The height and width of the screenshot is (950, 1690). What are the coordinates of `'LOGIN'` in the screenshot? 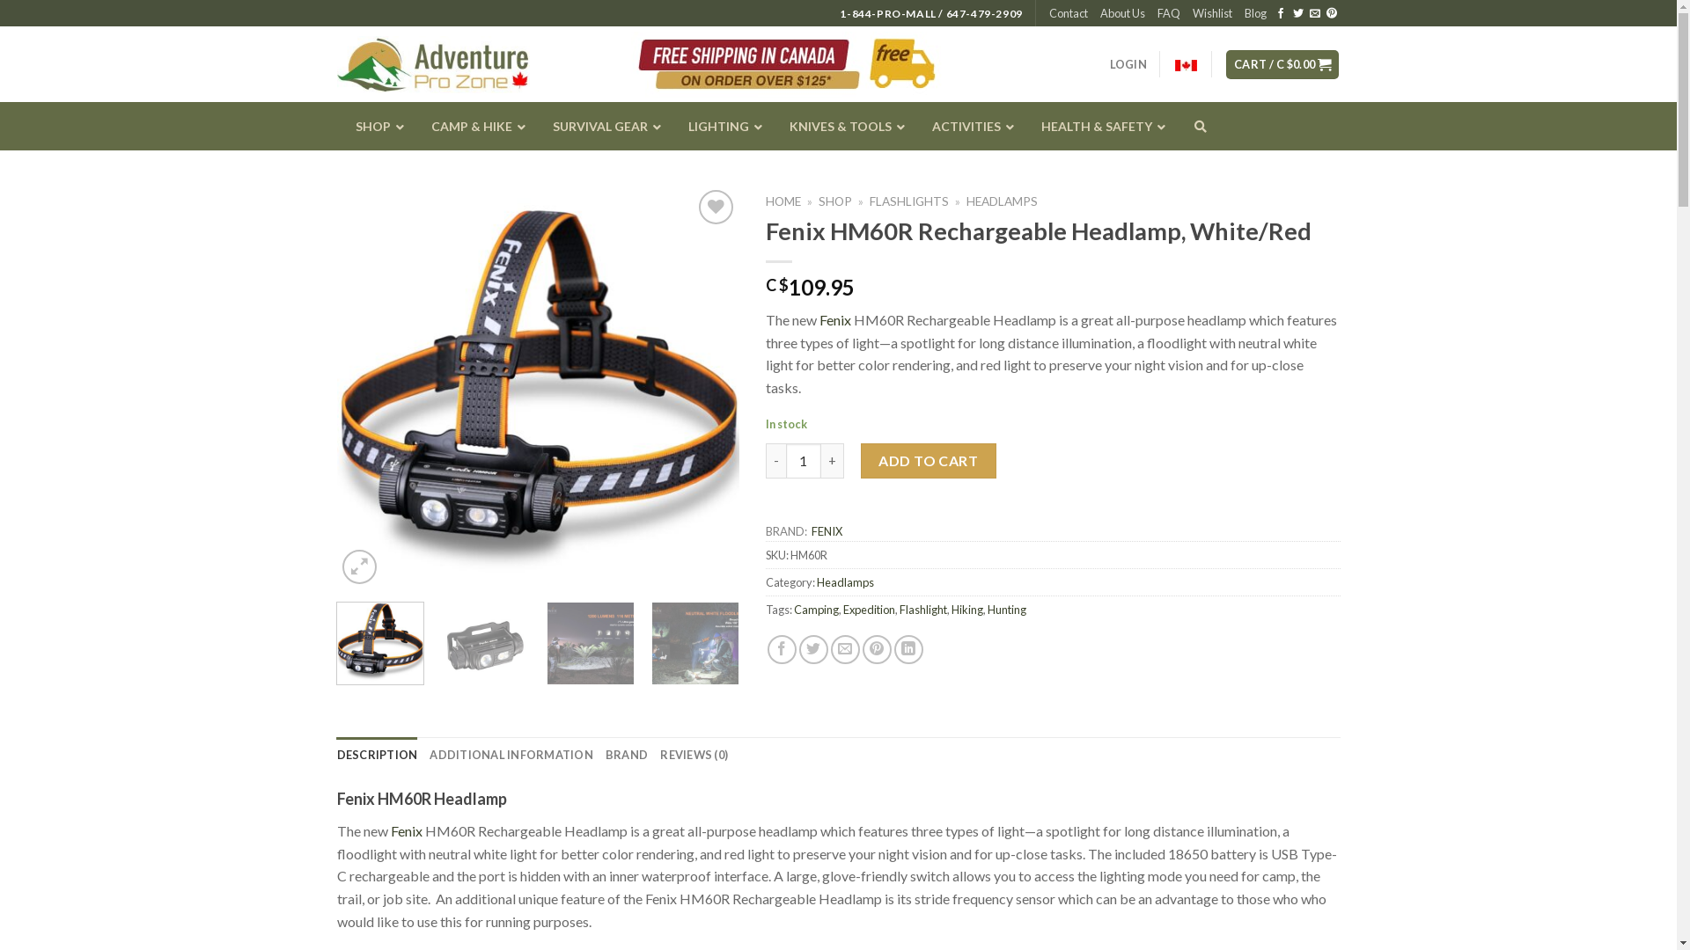 It's located at (1109, 63).